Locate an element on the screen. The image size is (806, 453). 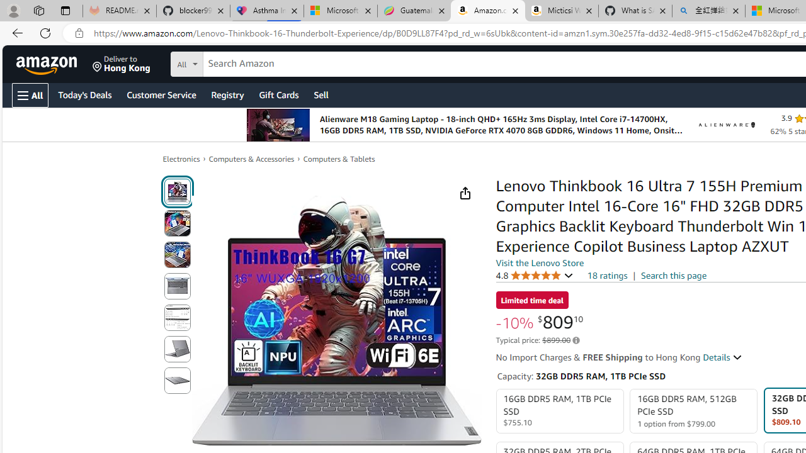
'16GB DDR5 RAM, 512GB PCIe SSD 1 option from $799.00' is located at coordinates (693, 411).